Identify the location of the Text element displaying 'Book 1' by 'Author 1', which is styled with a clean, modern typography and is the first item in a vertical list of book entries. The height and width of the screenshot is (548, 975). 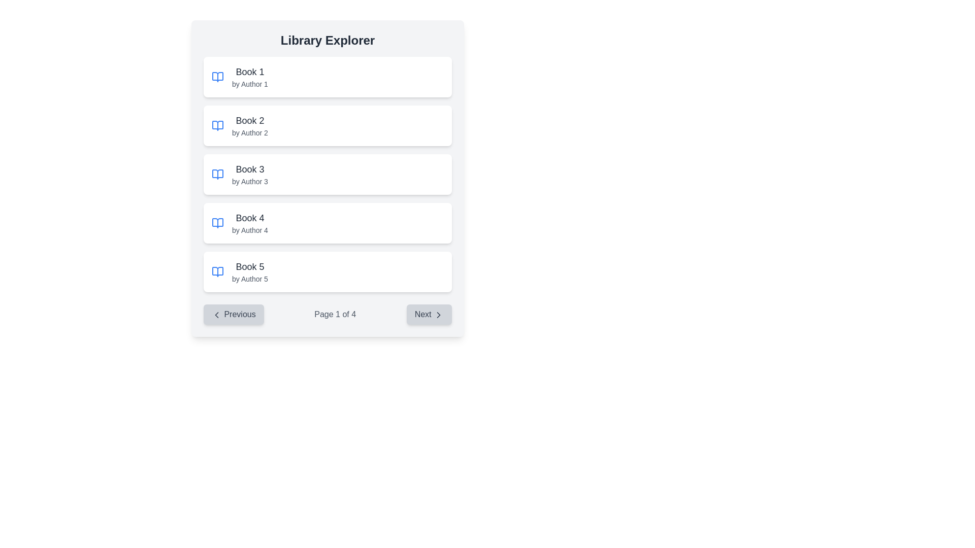
(250, 76).